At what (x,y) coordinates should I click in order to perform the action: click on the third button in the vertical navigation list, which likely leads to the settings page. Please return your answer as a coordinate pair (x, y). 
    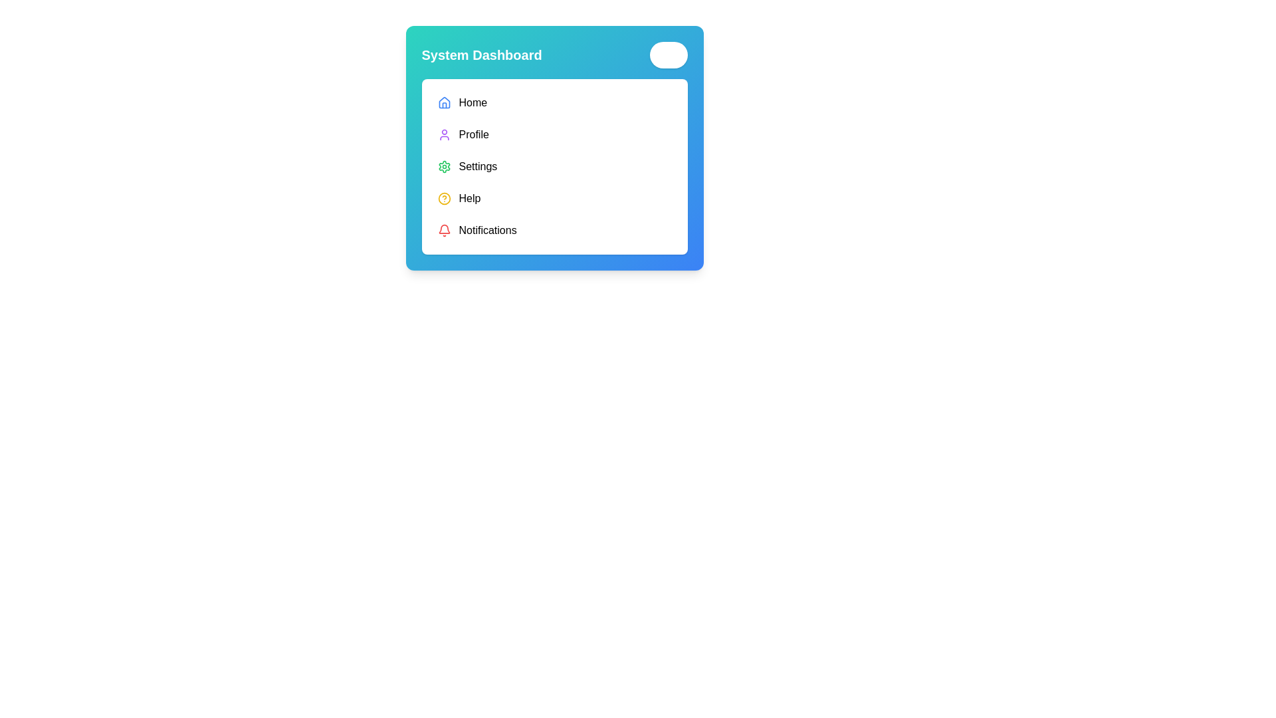
    Looking at the image, I should click on (554, 166).